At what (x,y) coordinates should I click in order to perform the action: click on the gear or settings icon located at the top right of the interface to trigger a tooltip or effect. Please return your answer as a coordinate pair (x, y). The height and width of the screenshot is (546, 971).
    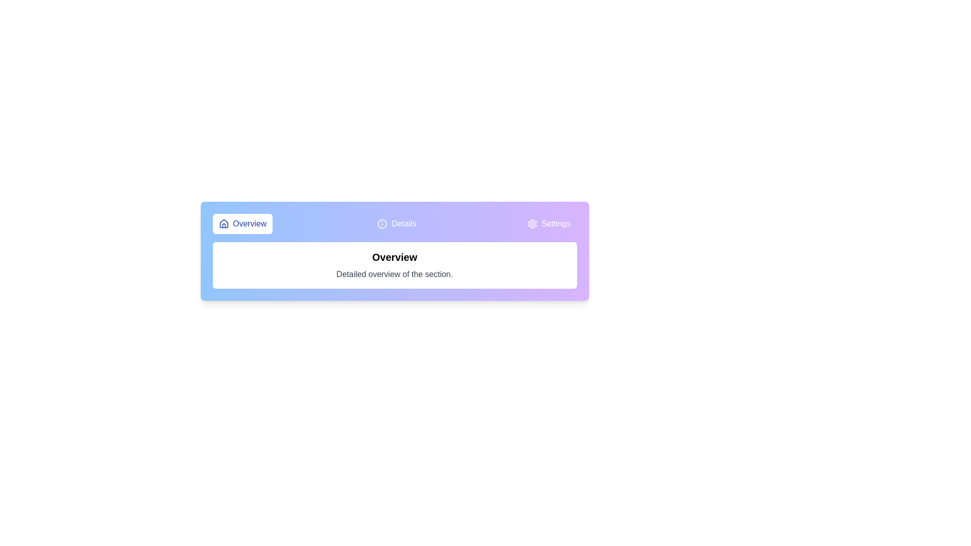
    Looking at the image, I should click on (532, 223).